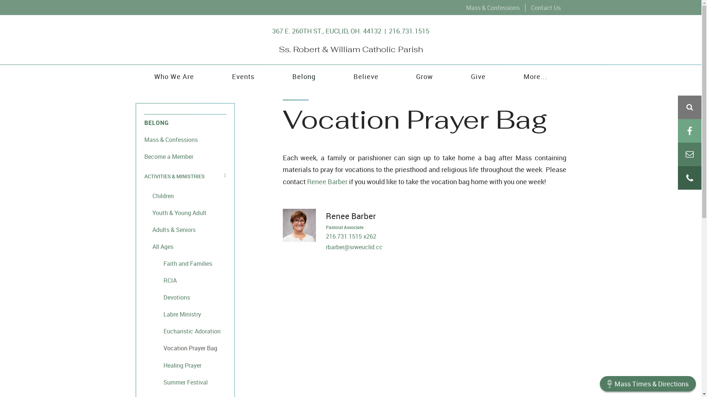 Image resolution: width=707 pixels, height=397 pixels. I want to click on 'Vocation Prayer Bag', so click(185, 348).